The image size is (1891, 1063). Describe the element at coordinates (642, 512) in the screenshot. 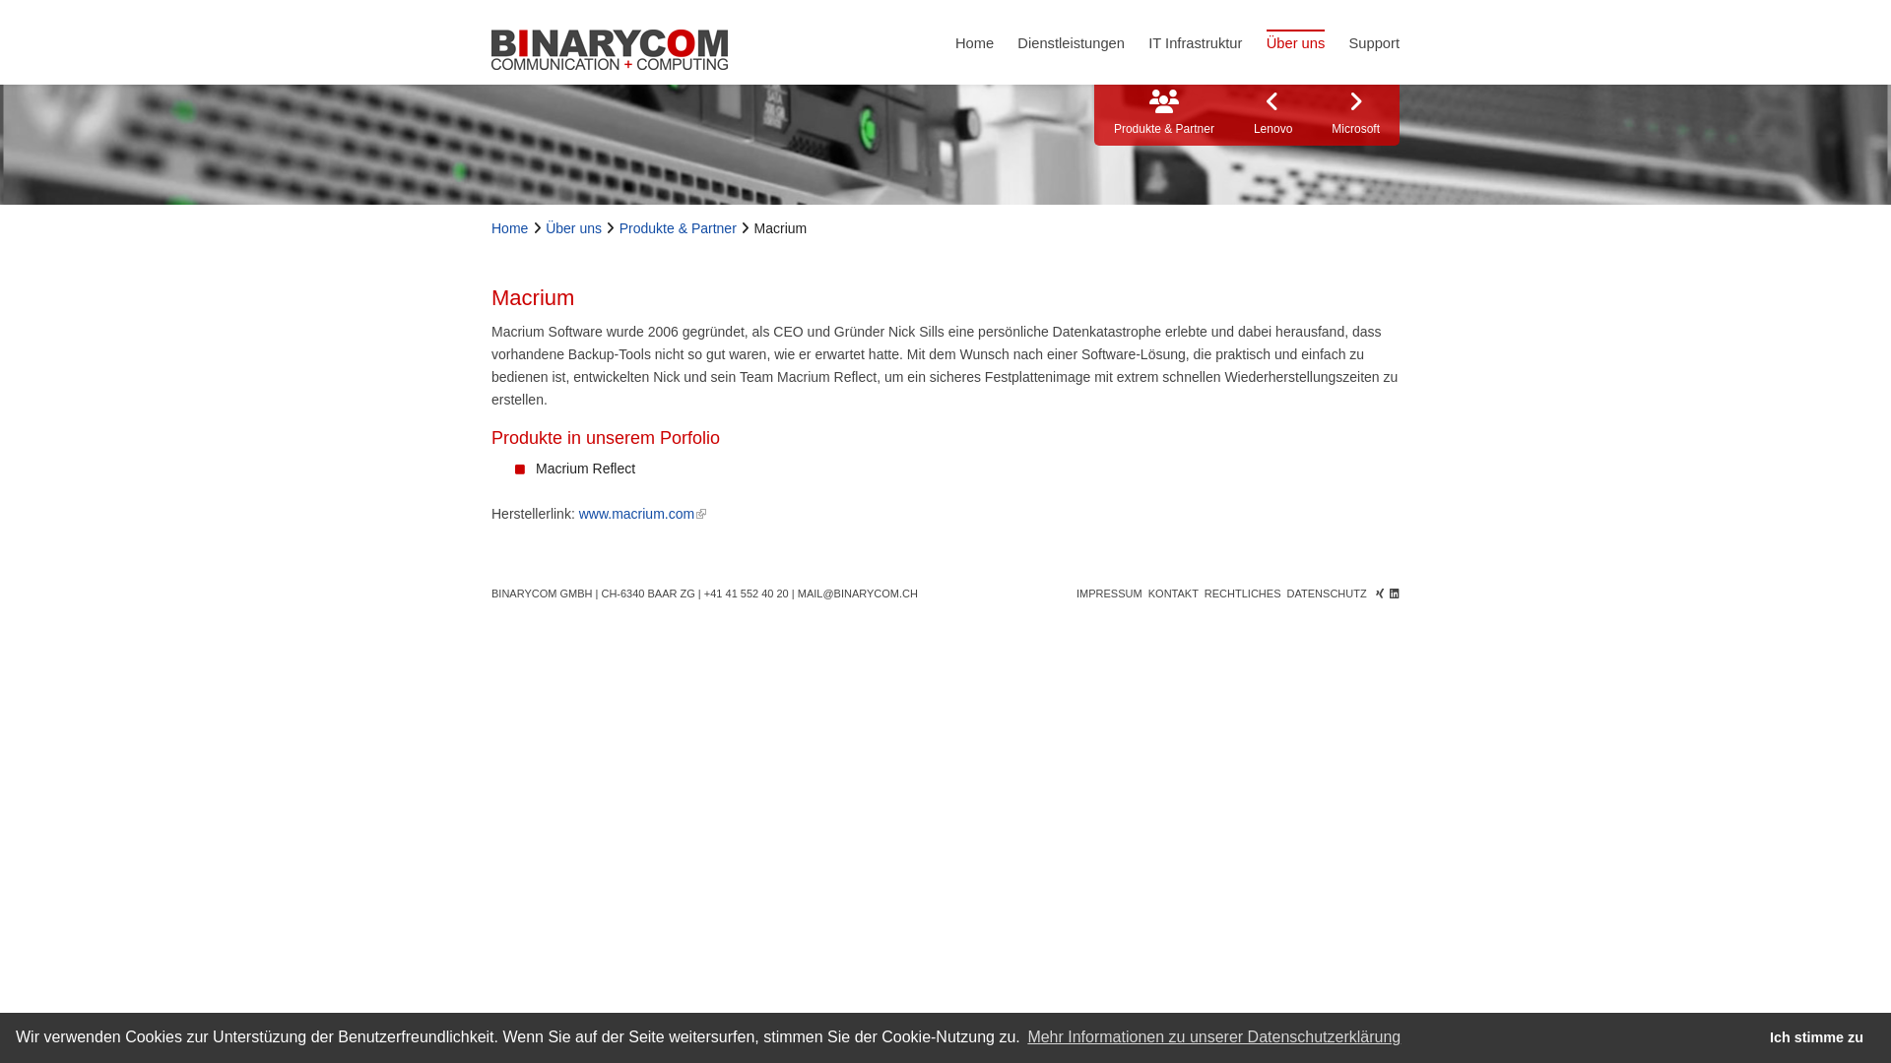

I see `'www.macrium.com'` at that location.